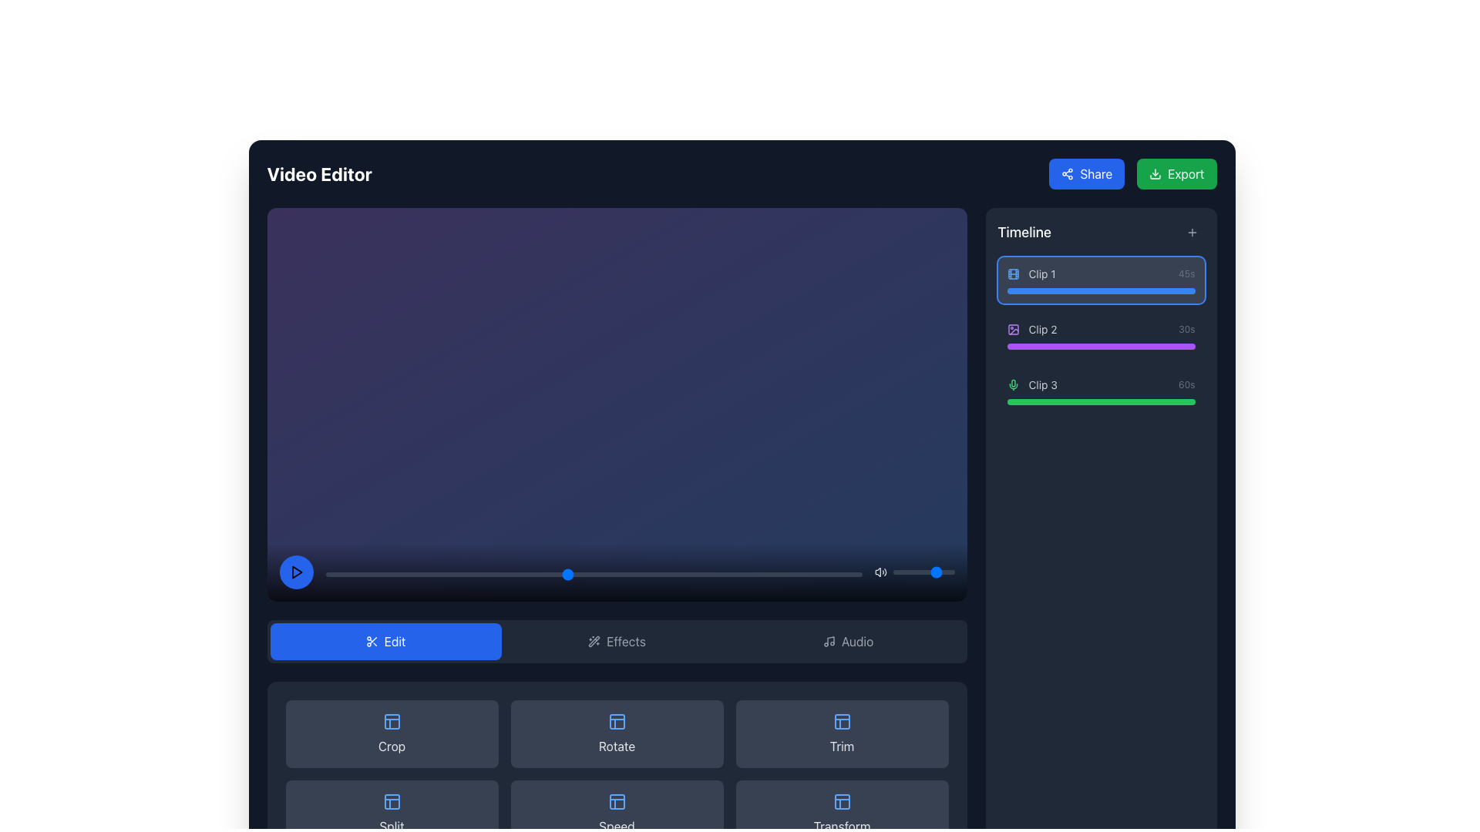 The width and height of the screenshot is (1480, 832). I want to click on the text label displaying 'Clip 1' styled in a small gray font, positioned between a film icon and a duration label '45s' within the timeline interface, so click(1042, 273).